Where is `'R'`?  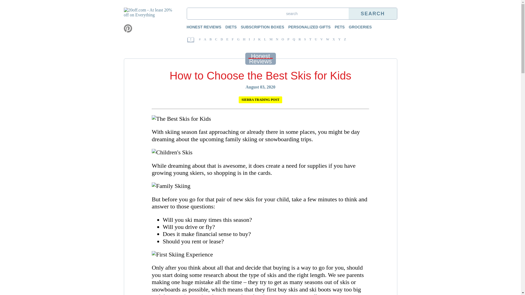
'R' is located at coordinates (299, 39).